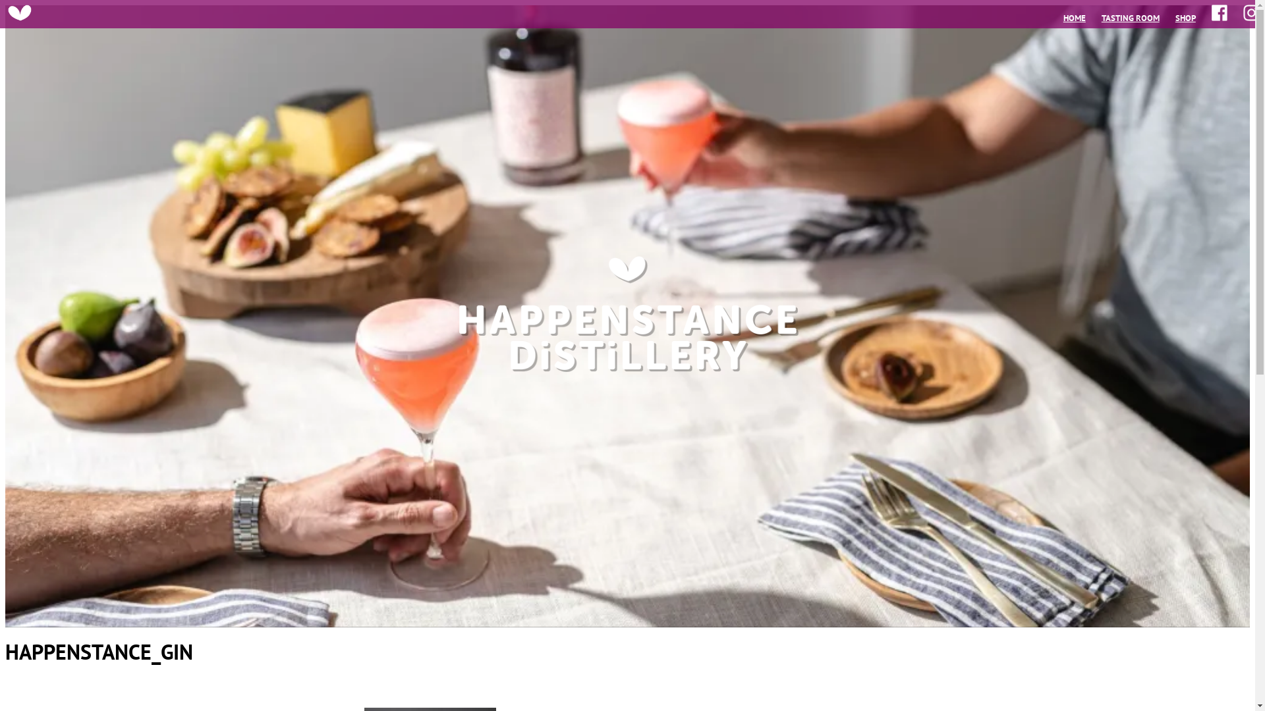 The height and width of the screenshot is (711, 1265). What do you see at coordinates (1101, 18) in the screenshot?
I see `'TASTING ROOM'` at bounding box center [1101, 18].